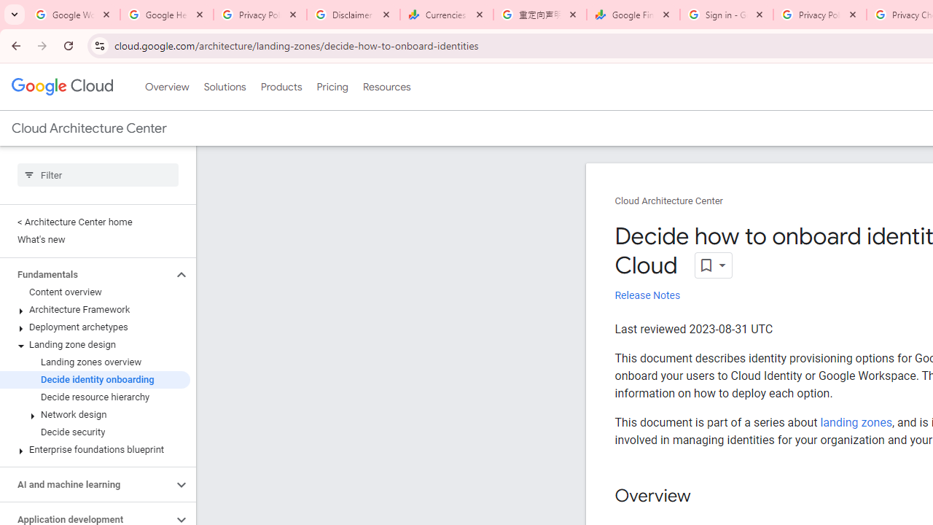 Image resolution: width=933 pixels, height=525 pixels. I want to click on 'Enterprise foundations blueprint', so click(94, 449).